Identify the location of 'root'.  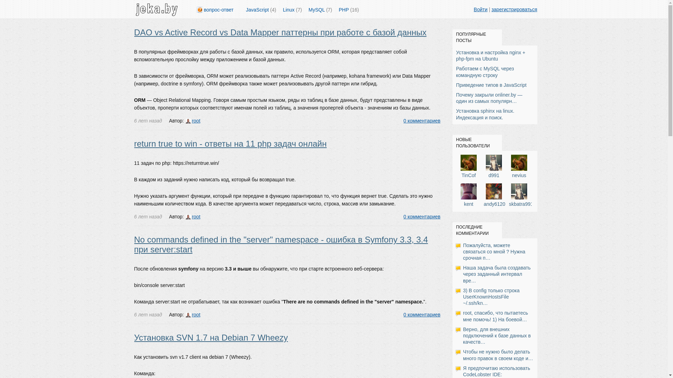
(193, 314).